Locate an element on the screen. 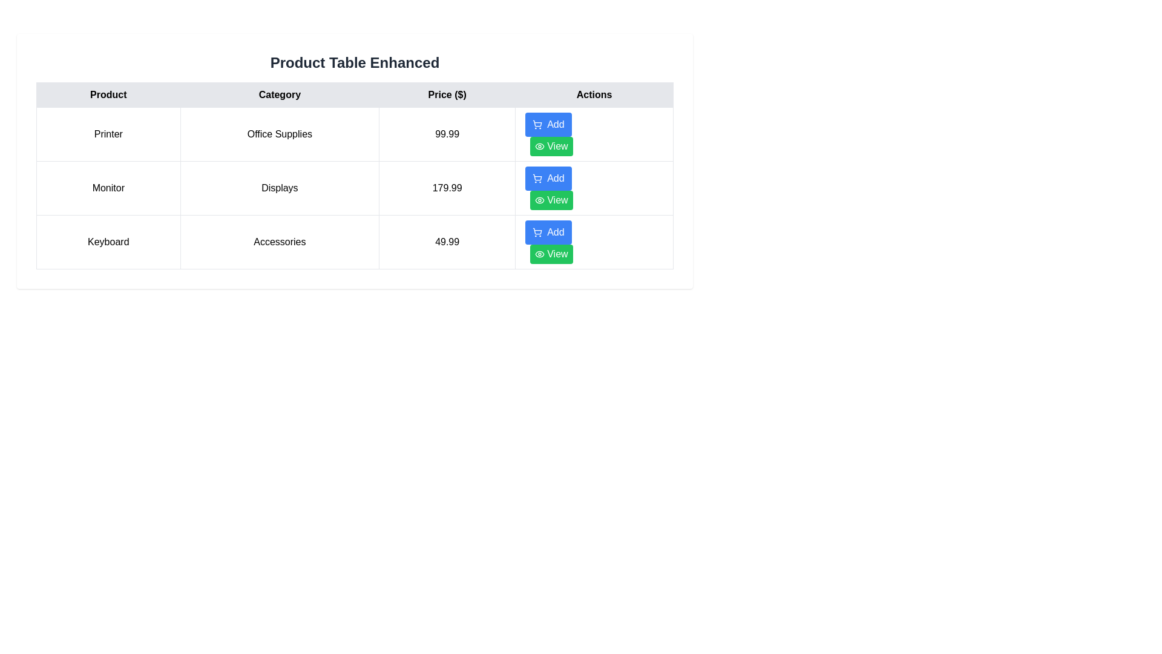 Image resolution: width=1162 pixels, height=654 pixels. the 'Office Supplies' text field, which is the second column in a table row under the 'Category' header, centered between 'Printer' and '99.99' is located at coordinates (279, 134).